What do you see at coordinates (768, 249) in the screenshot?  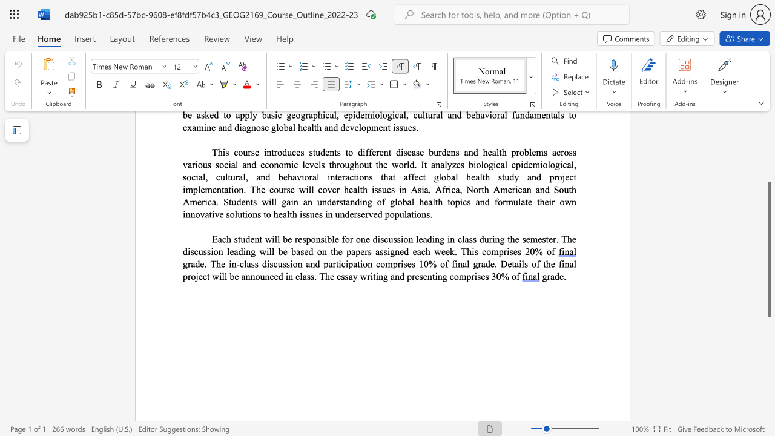 I see `the scrollbar and move up 140 pixels` at bounding box center [768, 249].